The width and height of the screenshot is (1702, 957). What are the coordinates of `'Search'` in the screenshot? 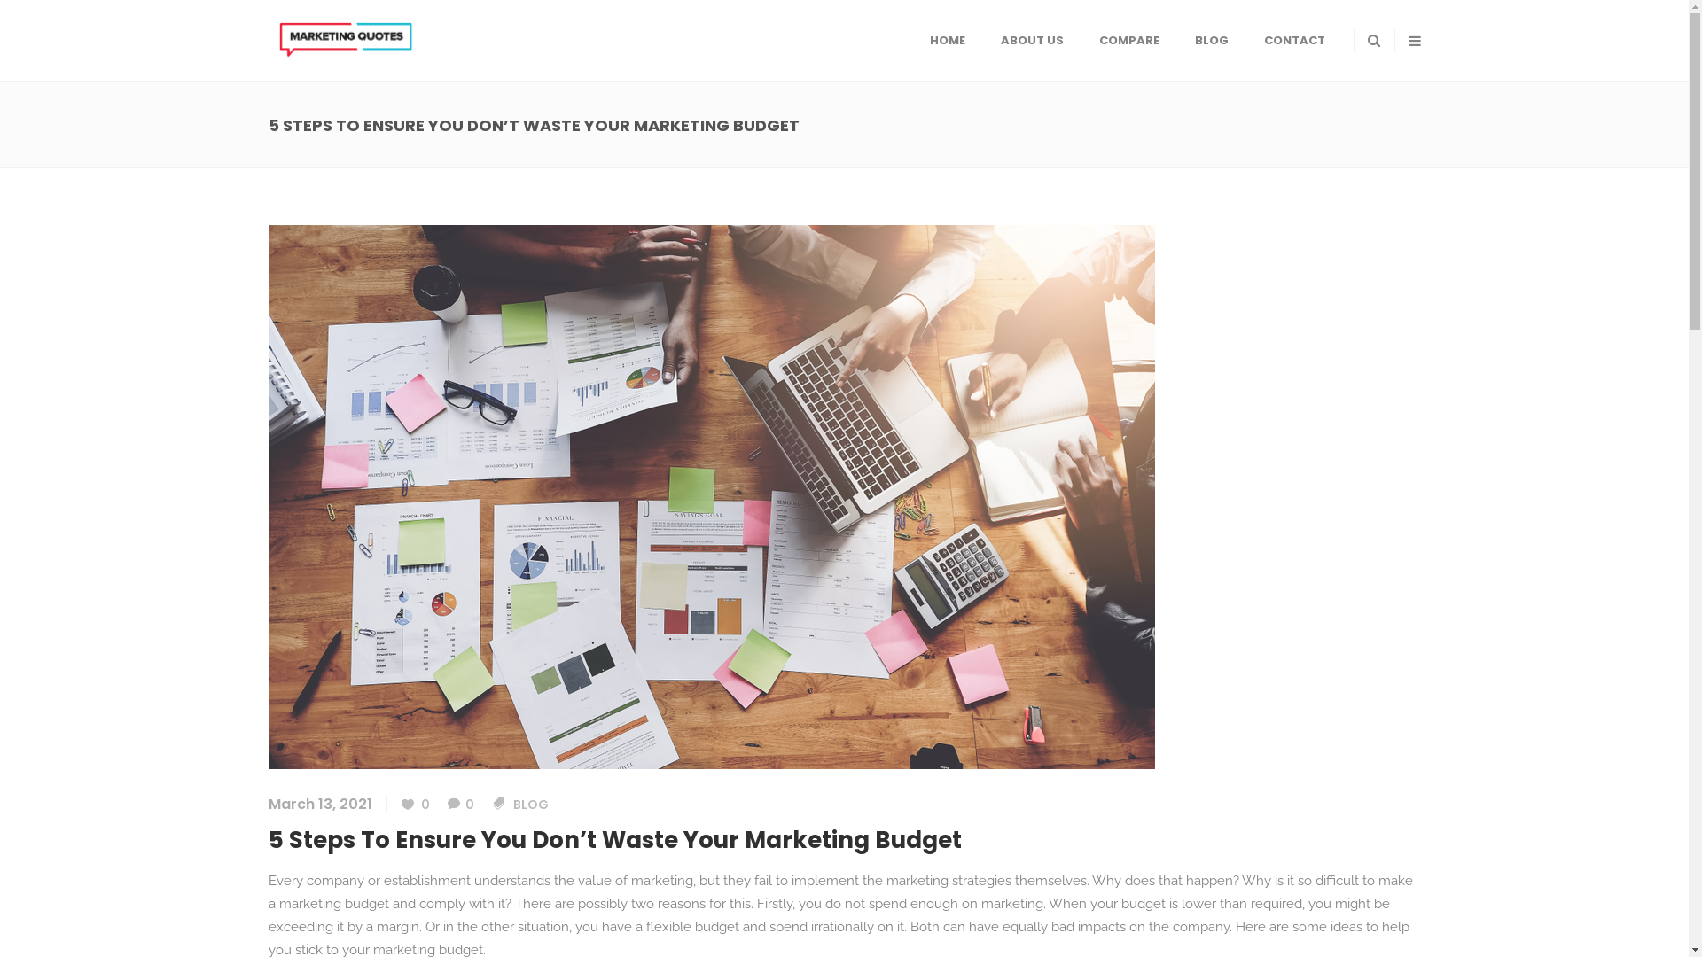 It's located at (1343, 109).